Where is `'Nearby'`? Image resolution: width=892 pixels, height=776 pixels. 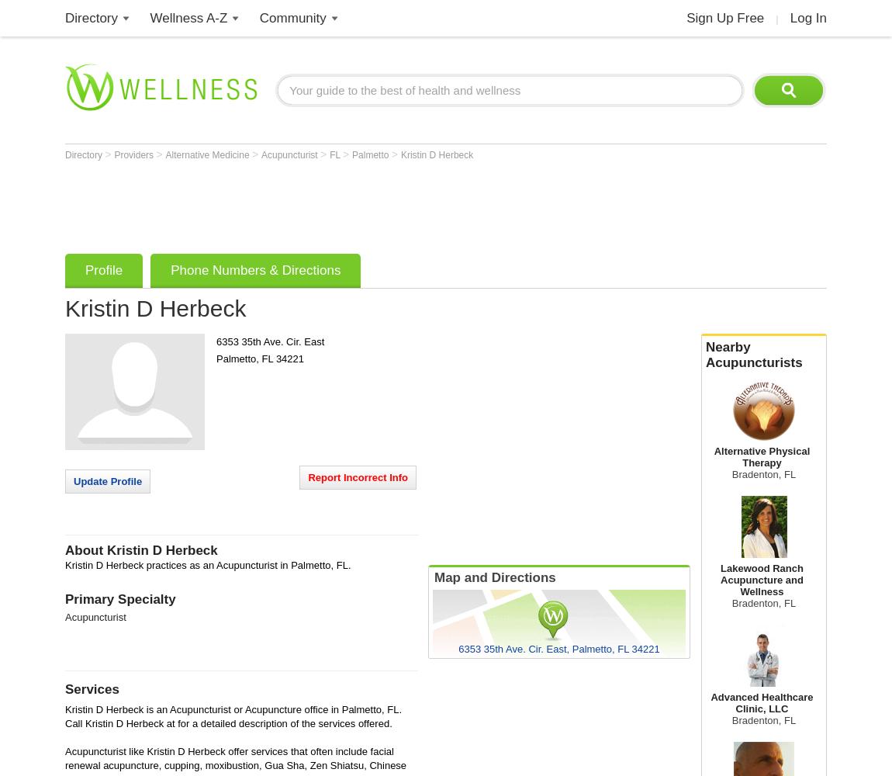 'Nearby' is located at coordinates (728, 346).